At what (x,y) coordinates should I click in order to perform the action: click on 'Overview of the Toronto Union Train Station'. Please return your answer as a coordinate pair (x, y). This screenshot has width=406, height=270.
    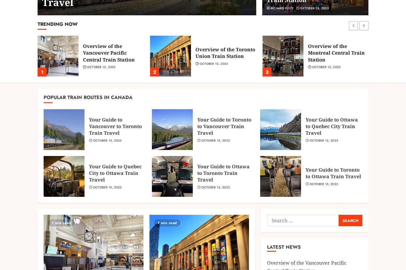
    Looking at the image, I should click on (225, 52).